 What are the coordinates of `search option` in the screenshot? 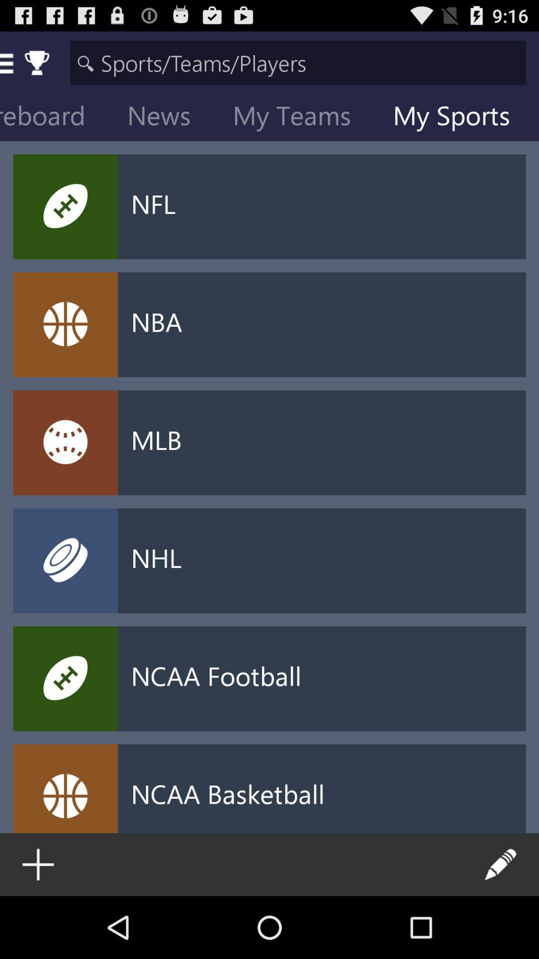 It's located at (297, 62).